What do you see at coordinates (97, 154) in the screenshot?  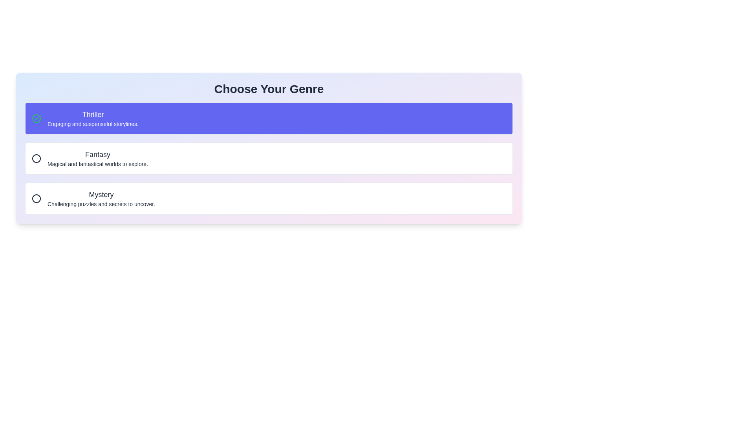 I see `the text label that serves as the title for the genre selection option located between the 'Thriller' and 'Mystery' choices in a multi-choice list` at bounding box center [97, 154].